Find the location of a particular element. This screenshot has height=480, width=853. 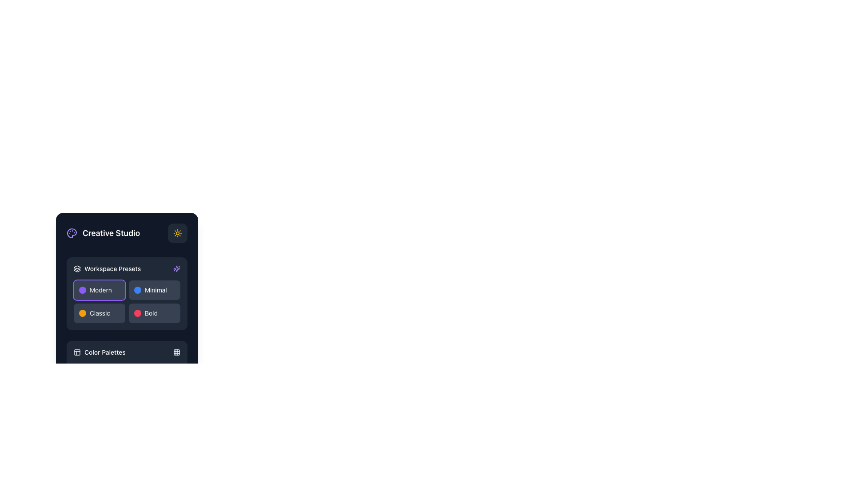

the theme toggle button located at the top-right of the 'Creative Studio' area to switch between light and dark modes is located at coordinates (177, 232).